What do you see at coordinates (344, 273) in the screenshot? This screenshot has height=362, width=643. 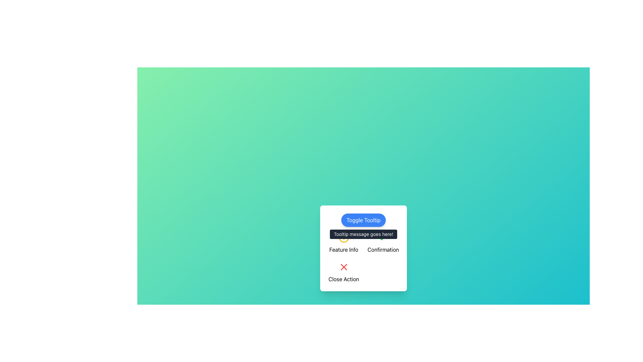 I see `the 'Close Action' label with an icon located in the bottom-left section of the grid beneath 'Feature Info' and 'Confirmation'` at bounding box center [344, 273].